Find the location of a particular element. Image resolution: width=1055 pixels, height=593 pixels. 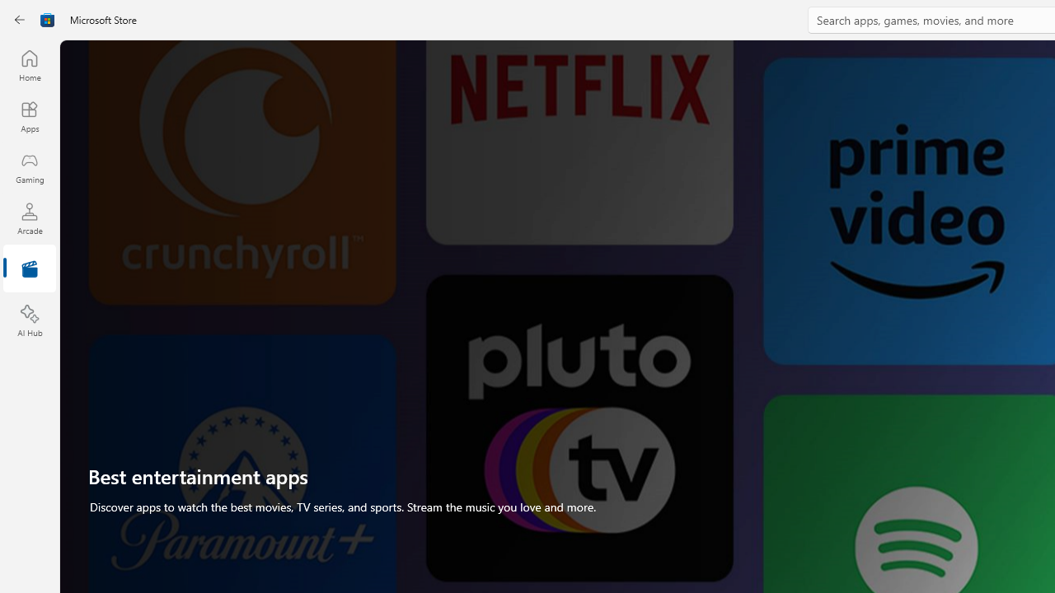

'Entertainment' is located at coordinates (29, 268).